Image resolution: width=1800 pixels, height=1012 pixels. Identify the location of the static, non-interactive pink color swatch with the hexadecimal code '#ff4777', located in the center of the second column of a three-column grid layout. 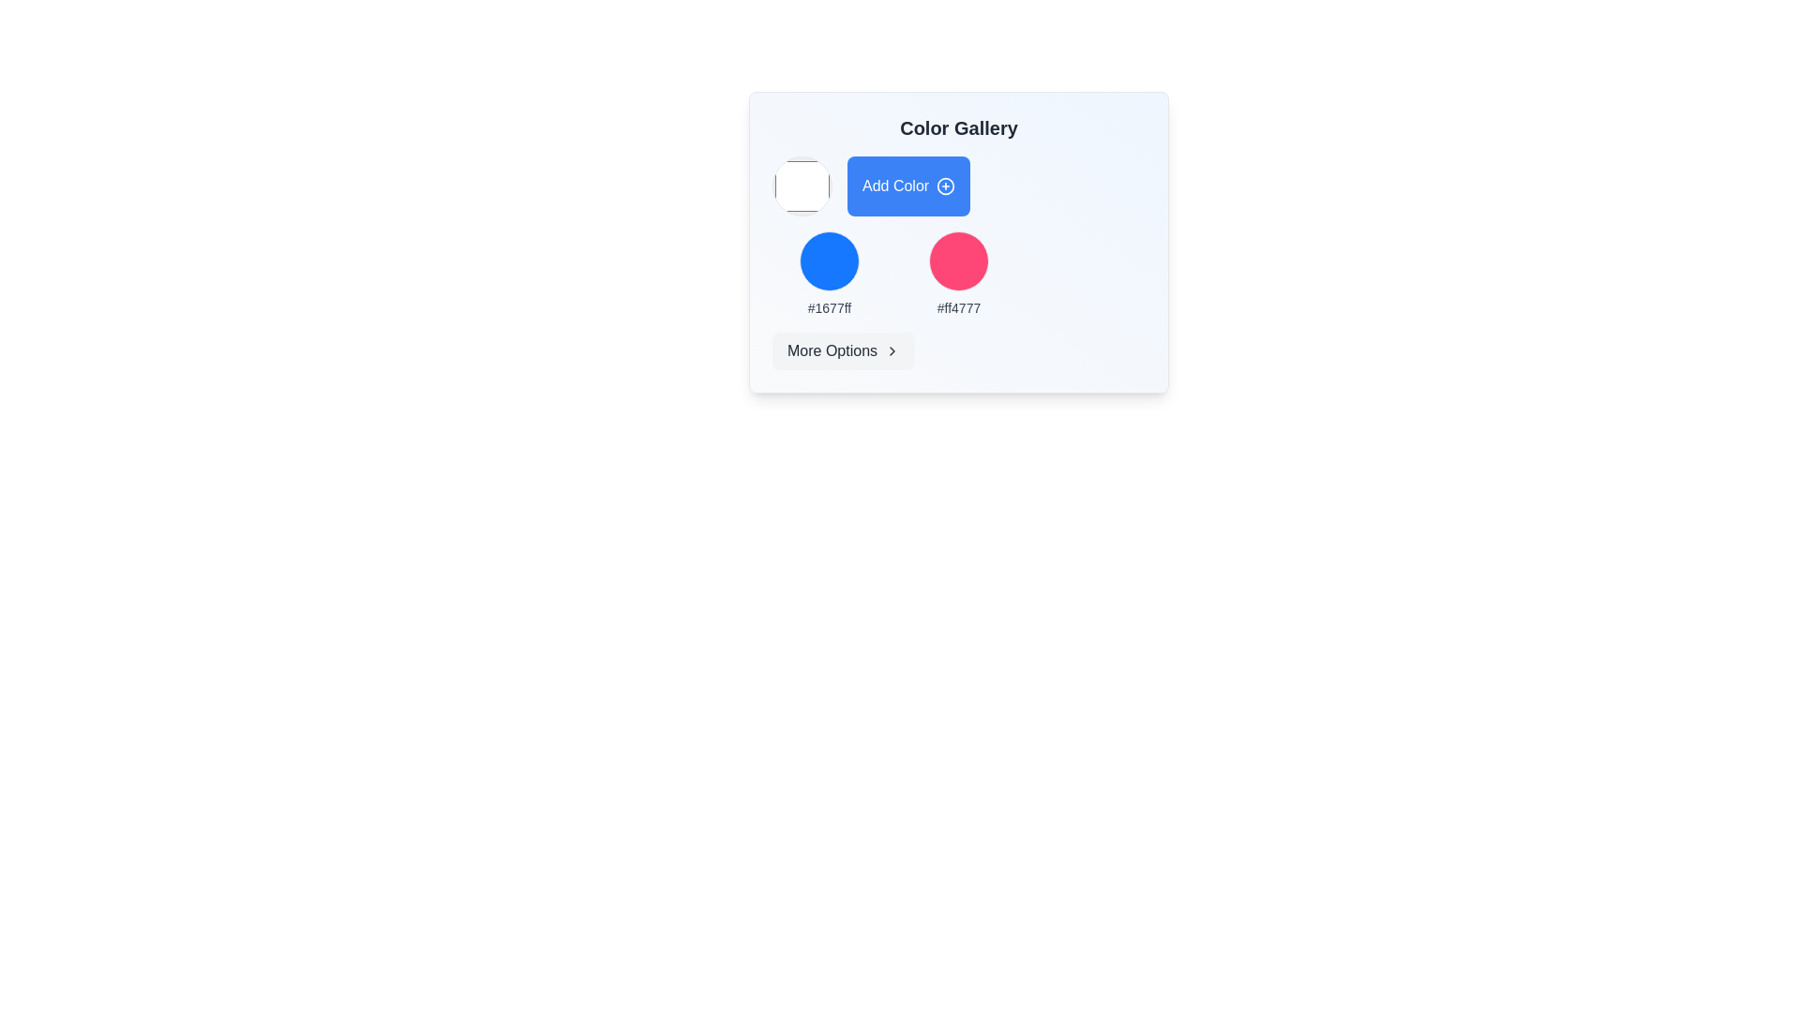
(958, 275).